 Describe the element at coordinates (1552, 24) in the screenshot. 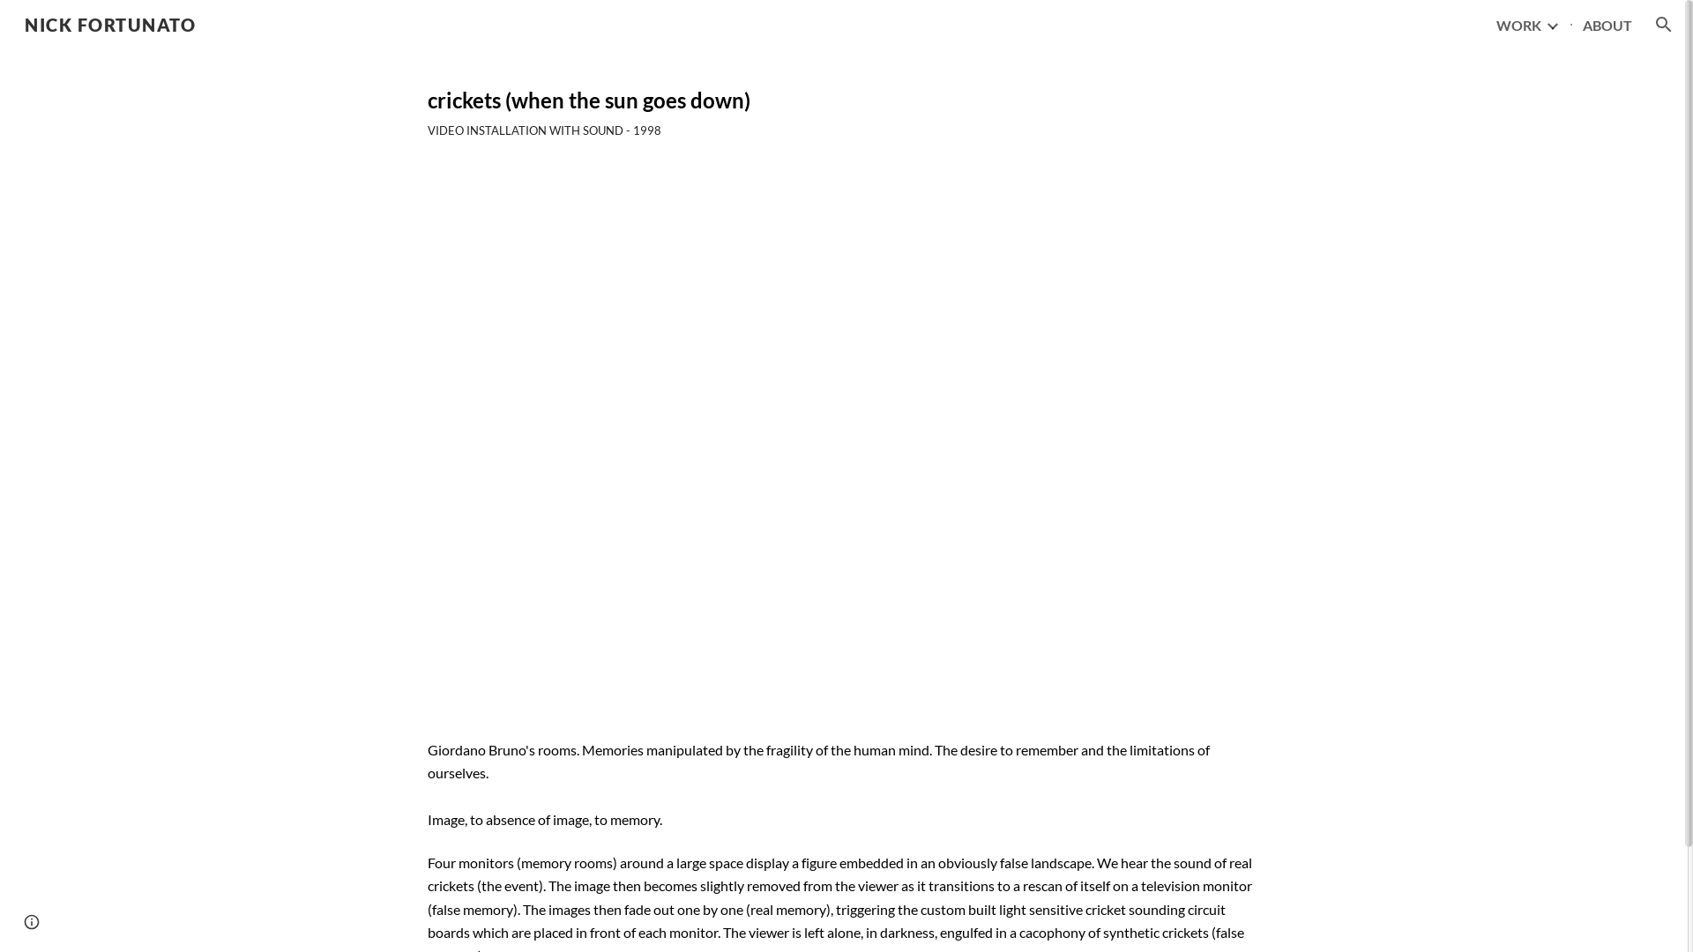

I see `'Expand/Collapse'` at that location.